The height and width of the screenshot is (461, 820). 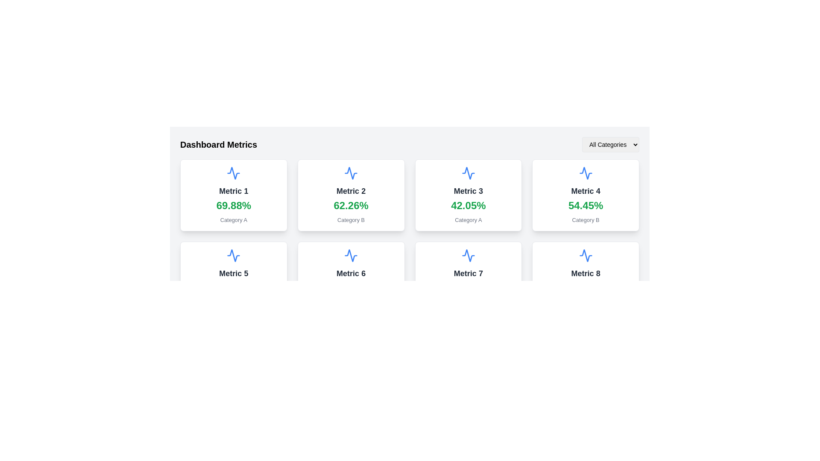 What do you see at coordinates (468, 206) in the screenshot?
I see `the text label displaying '42.05%' which is styled in bold green font and positioned between 'Metric 3' and 'Category A' in the third card of the grid layout` at bounding box center [468, 206].